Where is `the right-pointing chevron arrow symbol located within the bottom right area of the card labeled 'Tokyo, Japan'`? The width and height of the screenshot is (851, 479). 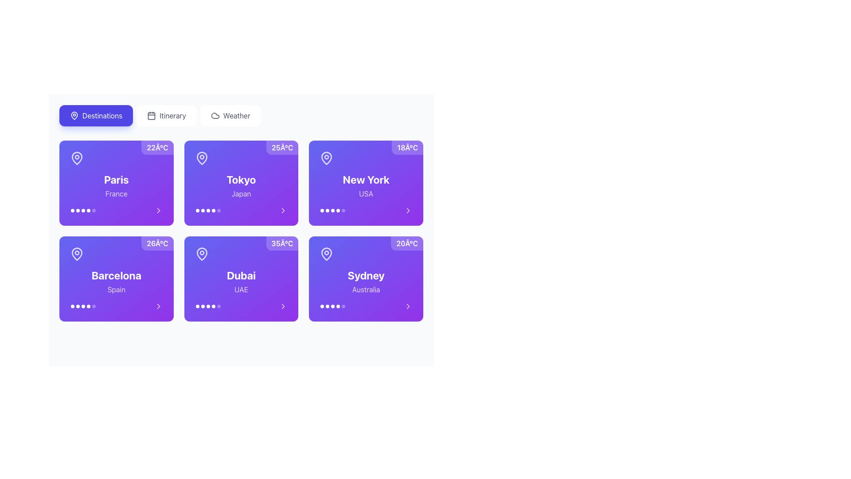
the right-pointing chevron arrow symbol located within the bottom right area of the card labeled 'Tokyo, Japan' is located at coordinates (283, 210).